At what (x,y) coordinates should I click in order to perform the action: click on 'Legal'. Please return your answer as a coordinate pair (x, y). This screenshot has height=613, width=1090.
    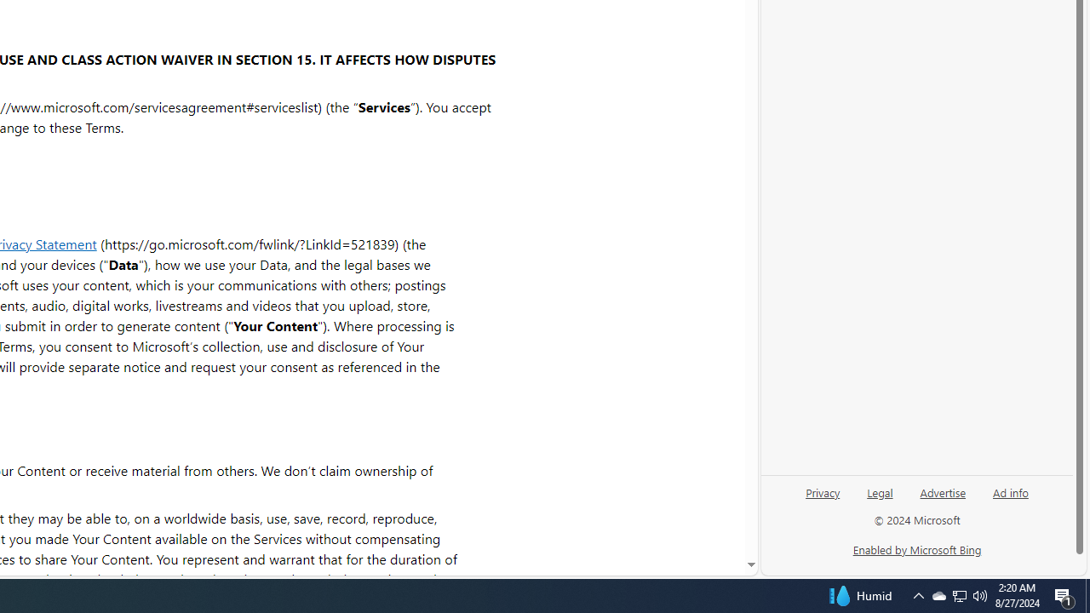
    Looking at the image, I should click on (880, 498).